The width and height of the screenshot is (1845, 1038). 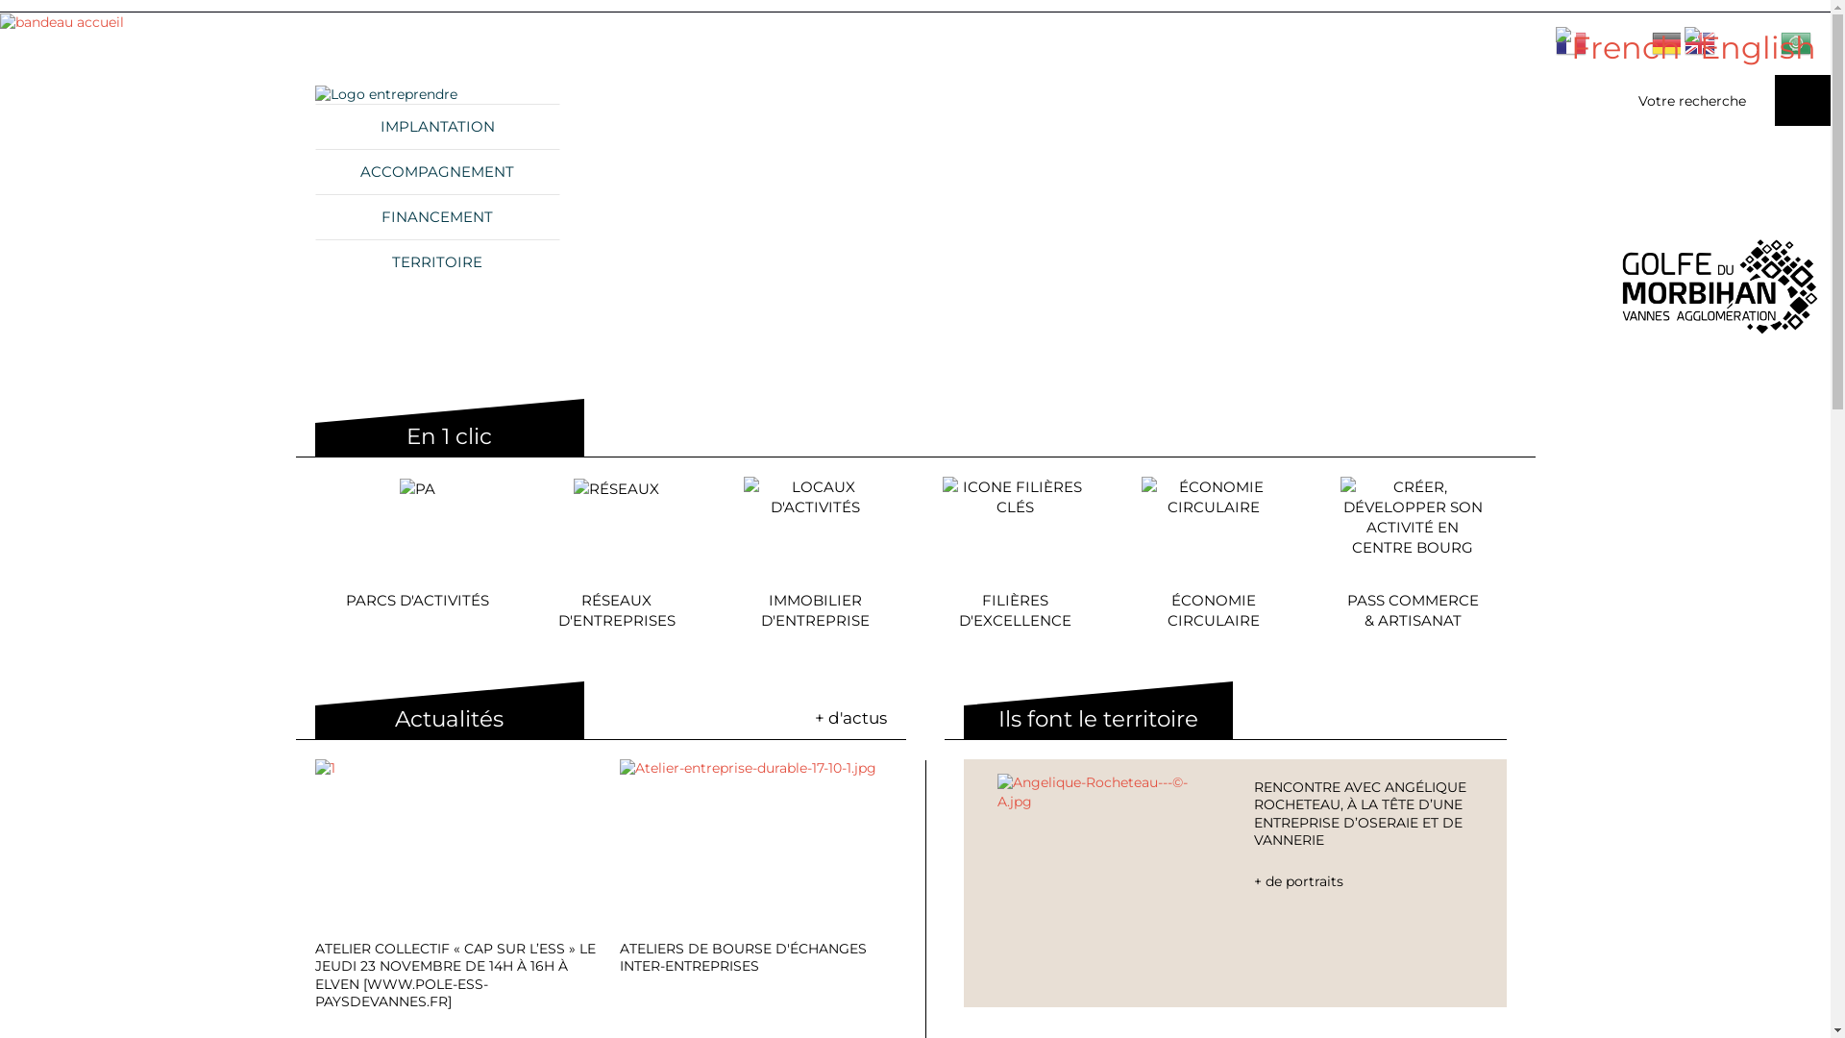 What do you see at coordinates (1363, 882) in the screenshot?
I see `'+ de portraits'` at bounding box center [1363, 882].